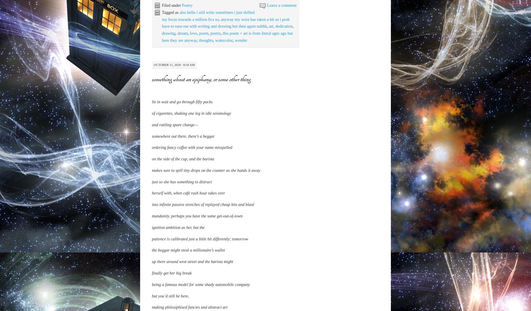 The image size is (531, 311). Describe the element at coordinates (203, 33) in the screenshot. I see `'poem'` at that location.